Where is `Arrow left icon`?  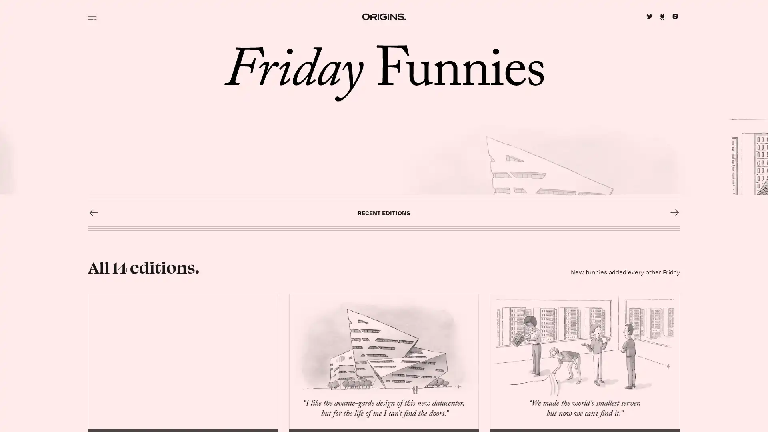
Arrow left icon is located at coordinates (94, 367).